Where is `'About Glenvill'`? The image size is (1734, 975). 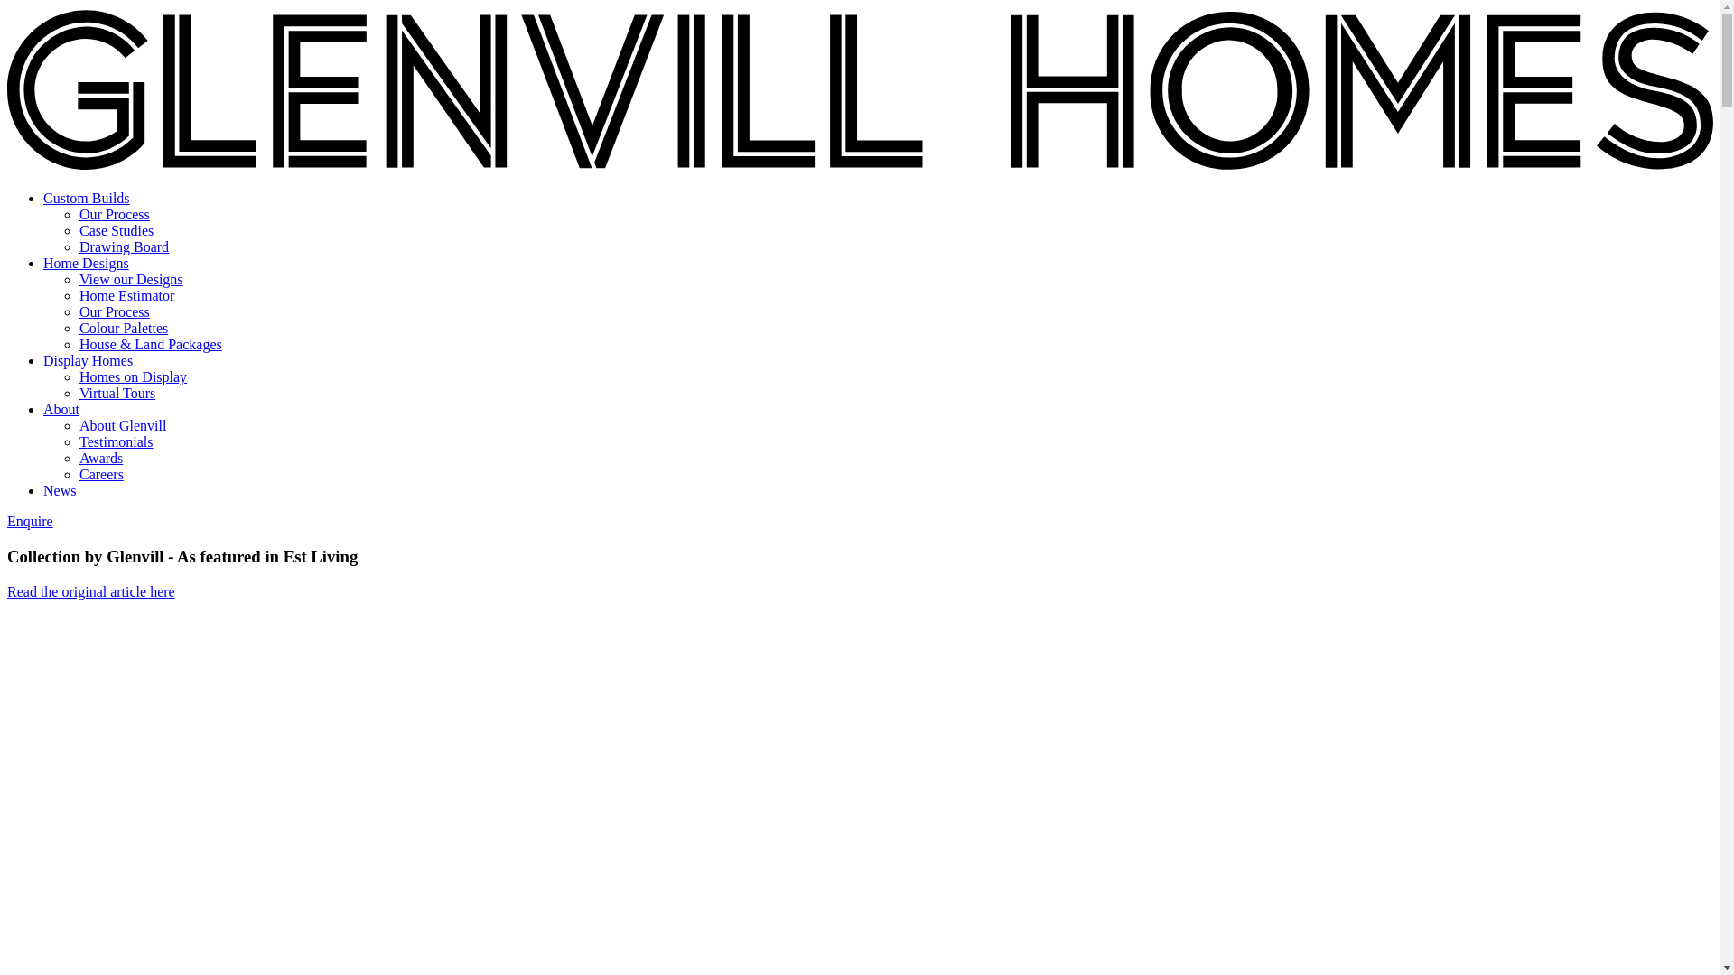 'About Glenvill' is located at coordinates (78, 425).